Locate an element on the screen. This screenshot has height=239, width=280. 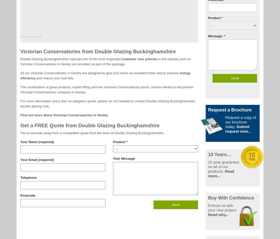
'Your Email (required)' is located at coordinates (37, 159).